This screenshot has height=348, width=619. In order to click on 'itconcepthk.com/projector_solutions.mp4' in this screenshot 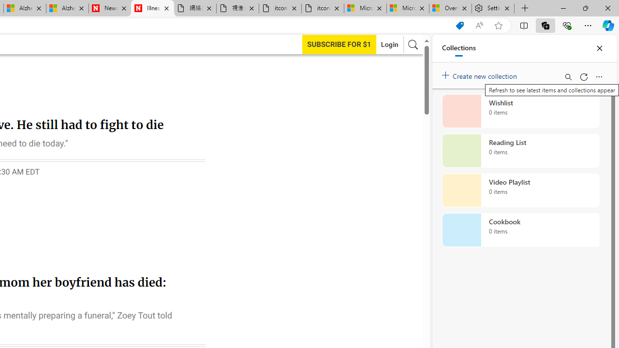, I will do `click(322, 8)`.